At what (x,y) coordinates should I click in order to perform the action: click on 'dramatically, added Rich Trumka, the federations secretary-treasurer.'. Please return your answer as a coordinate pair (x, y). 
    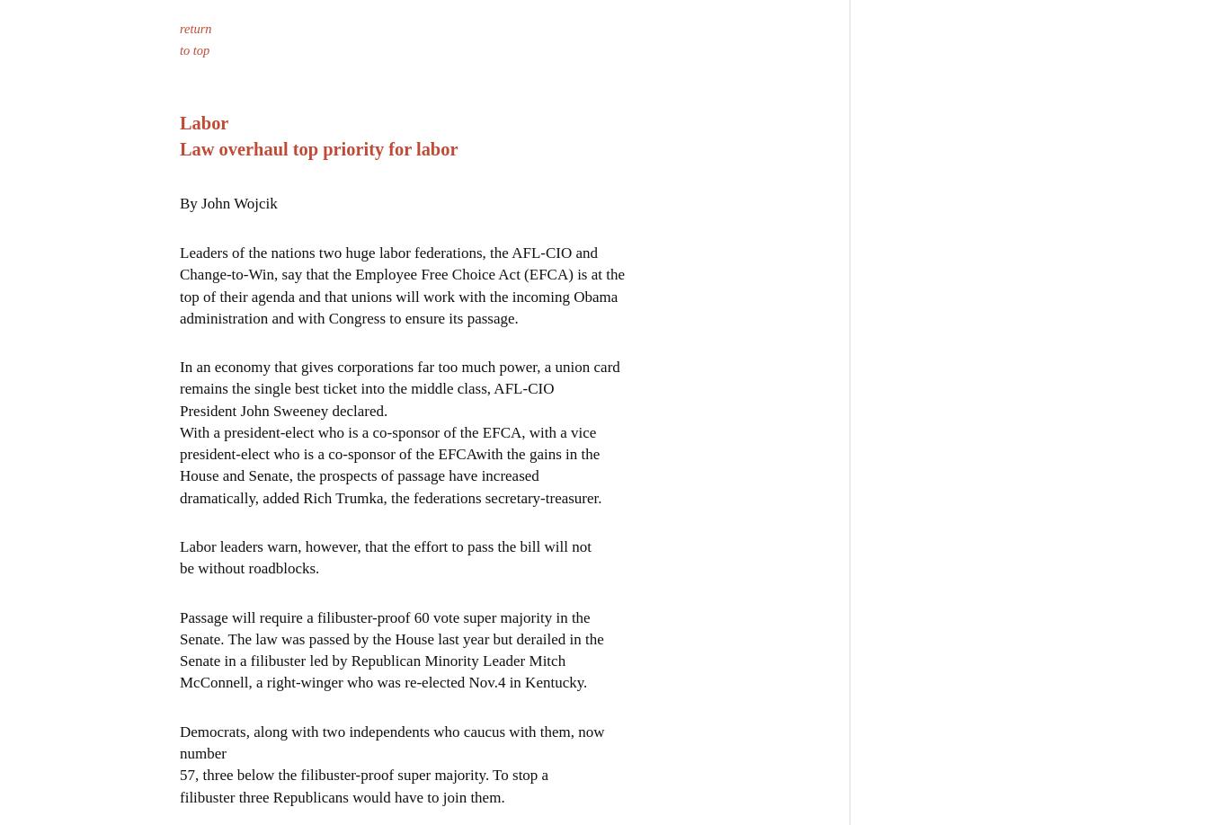
    Looking at the image, I should click on (389, 495).